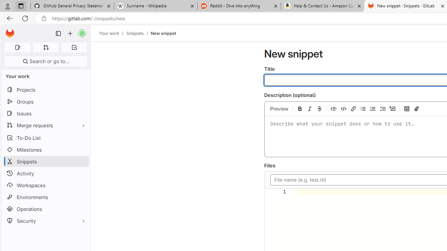  I want to click on 'Projects', so click(45, 89).